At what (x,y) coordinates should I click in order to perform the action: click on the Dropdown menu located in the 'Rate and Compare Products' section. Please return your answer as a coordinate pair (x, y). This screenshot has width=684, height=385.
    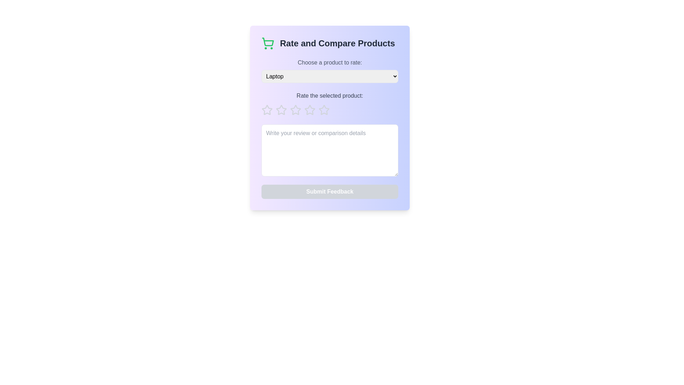
    Looking at the image, I should click on (330, 76).